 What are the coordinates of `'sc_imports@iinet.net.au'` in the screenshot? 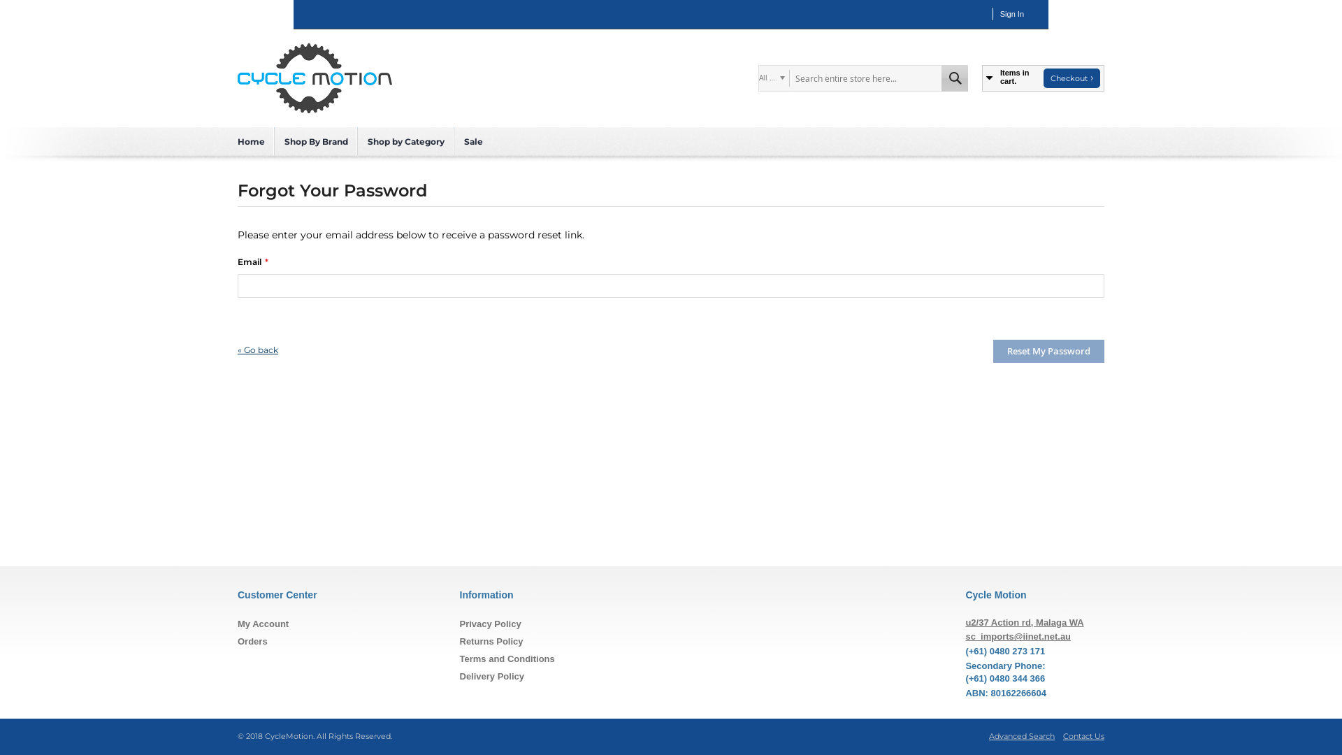 It's located at (1018, 636).